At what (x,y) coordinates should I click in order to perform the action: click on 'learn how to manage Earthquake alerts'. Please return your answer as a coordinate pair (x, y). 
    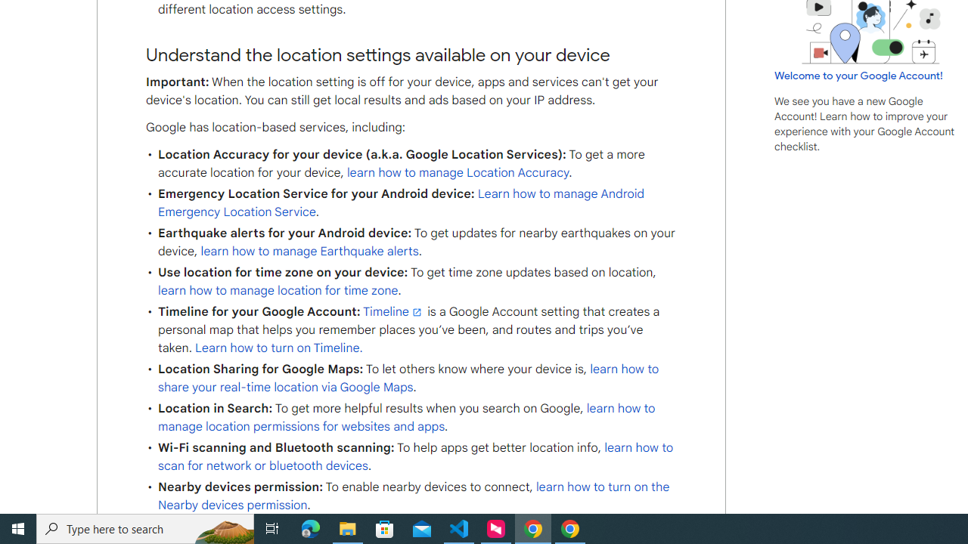
    Looking at the image, I should click on (309, 251).